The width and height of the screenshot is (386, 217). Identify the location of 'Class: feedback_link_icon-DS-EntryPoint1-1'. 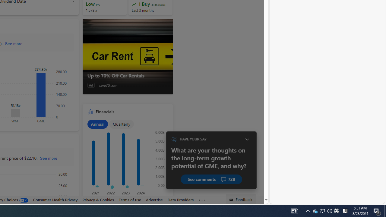
(232, 200).